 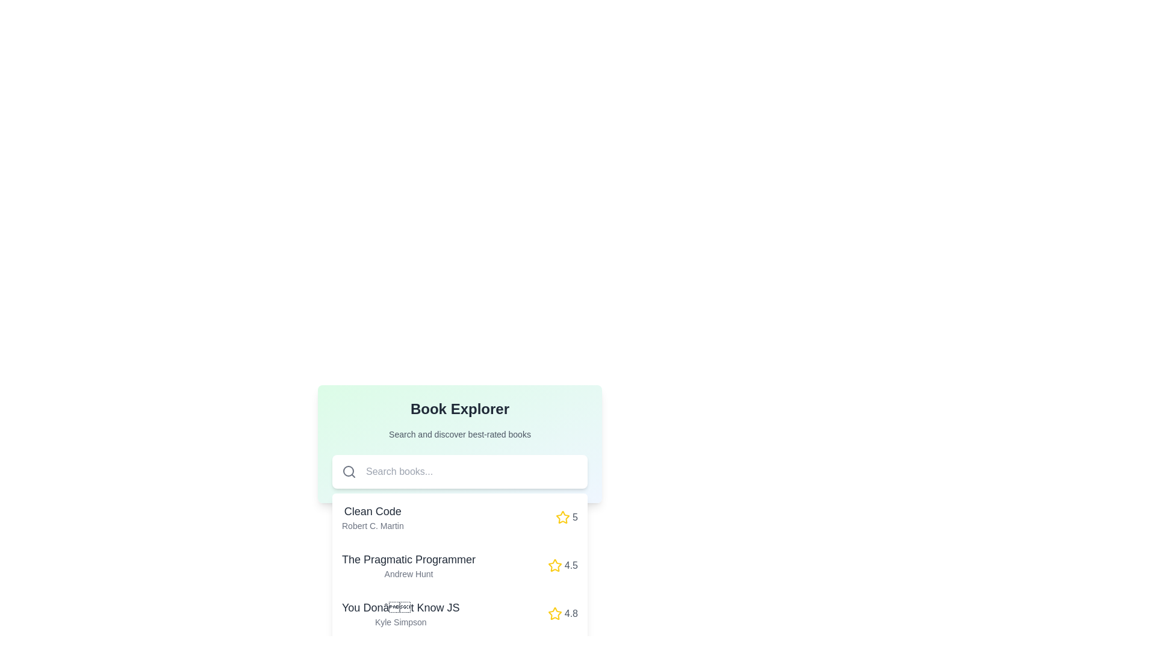 What do you see at coordinates (372, 525) in the screenshot?
I see `static text label displaying 'Robert C. Martin', which is styled in a small font size and gray color, located below the title 'Clean Code' in the 'Book Explorer' section` at bounding box center [372, 525].